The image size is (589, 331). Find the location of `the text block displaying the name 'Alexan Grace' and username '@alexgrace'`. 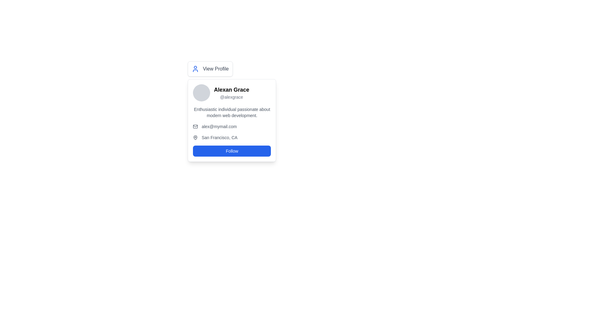

the text block displaying the name 'Alexan Grace' and username '@alexgrace' is located at coordinates (231, 93).